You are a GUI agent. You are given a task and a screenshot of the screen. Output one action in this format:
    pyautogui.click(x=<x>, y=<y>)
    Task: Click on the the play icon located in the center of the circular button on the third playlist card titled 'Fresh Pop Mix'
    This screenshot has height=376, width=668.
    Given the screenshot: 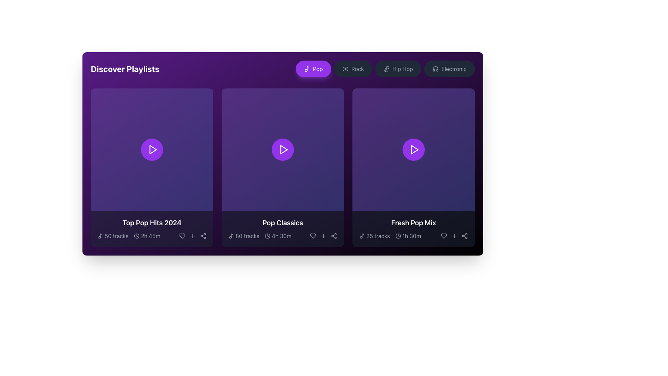 What is the action you would take?
    pyautogui.click(x=414, y=149)
    